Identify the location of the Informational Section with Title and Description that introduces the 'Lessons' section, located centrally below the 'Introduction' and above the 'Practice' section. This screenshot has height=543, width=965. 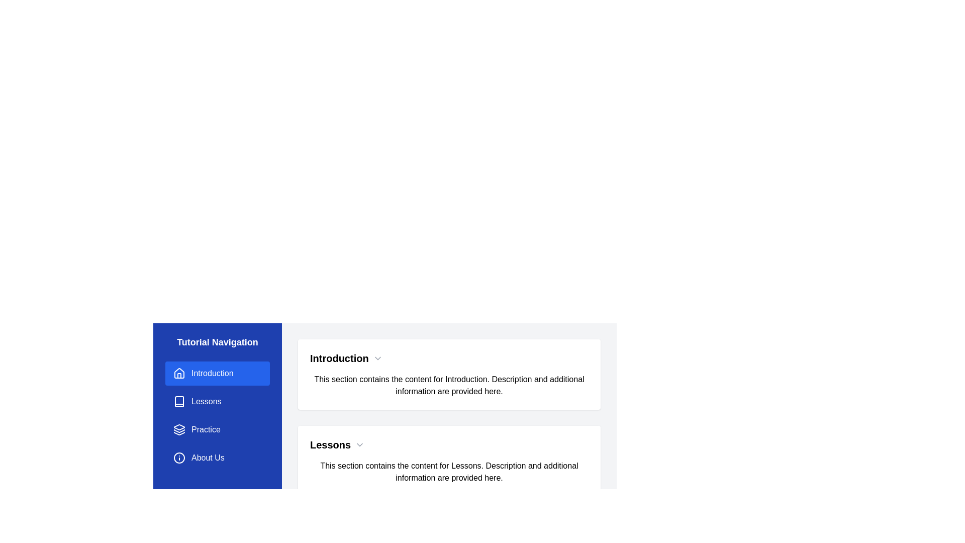
(448, 461).